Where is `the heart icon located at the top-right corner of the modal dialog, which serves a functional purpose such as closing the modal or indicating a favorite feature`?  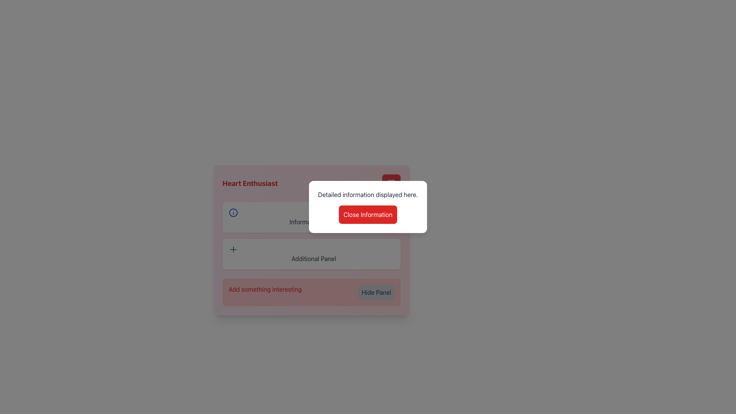 the heart icon located at the top-right corner of the modal dialog, which serves a functional purpose such as closing the modal or indicating a favorite feature is located at coordinates (391, 183).